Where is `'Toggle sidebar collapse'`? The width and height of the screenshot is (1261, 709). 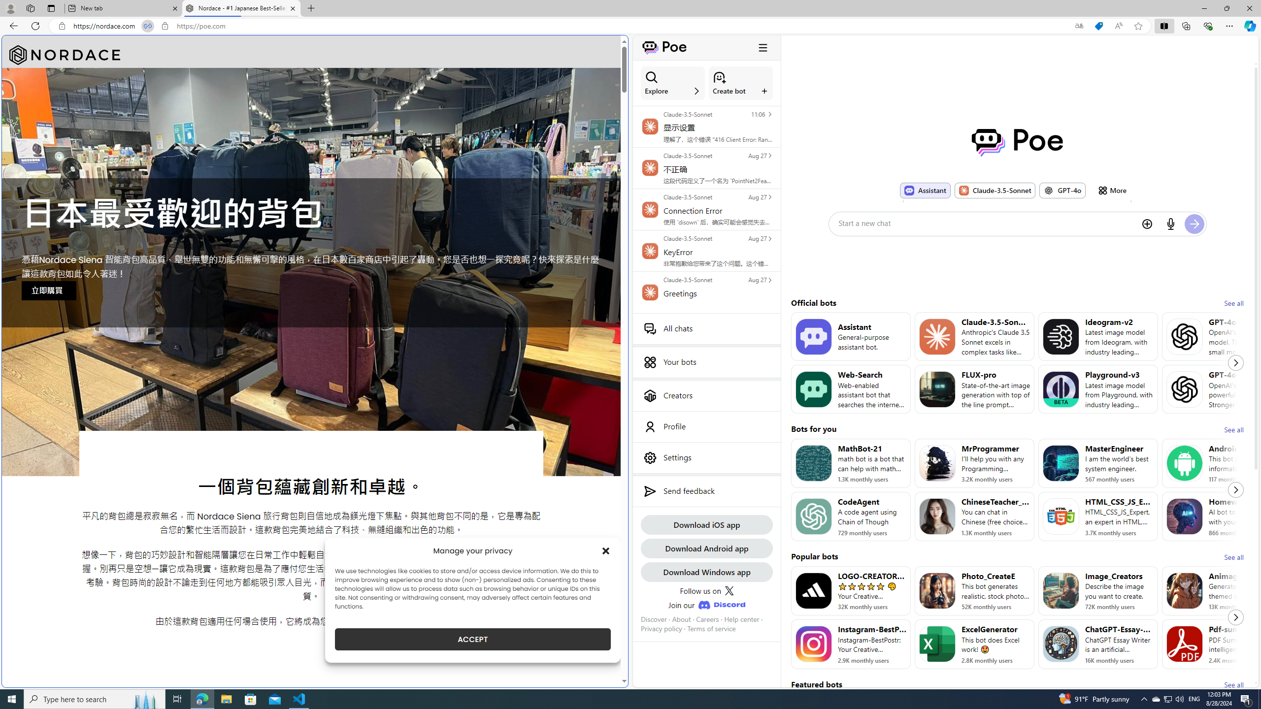 'Toggle sidebar collapse' is located at coordinates (763, 47).